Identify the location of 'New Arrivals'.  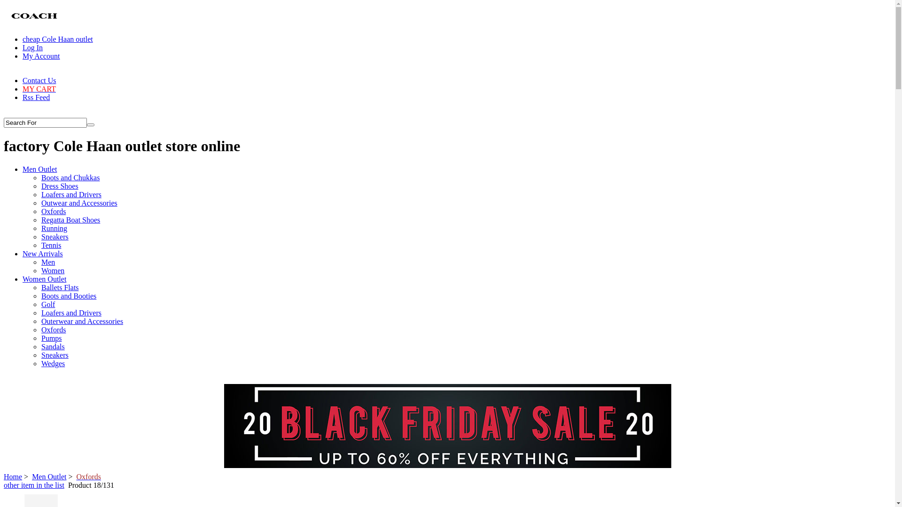
(42, 253).